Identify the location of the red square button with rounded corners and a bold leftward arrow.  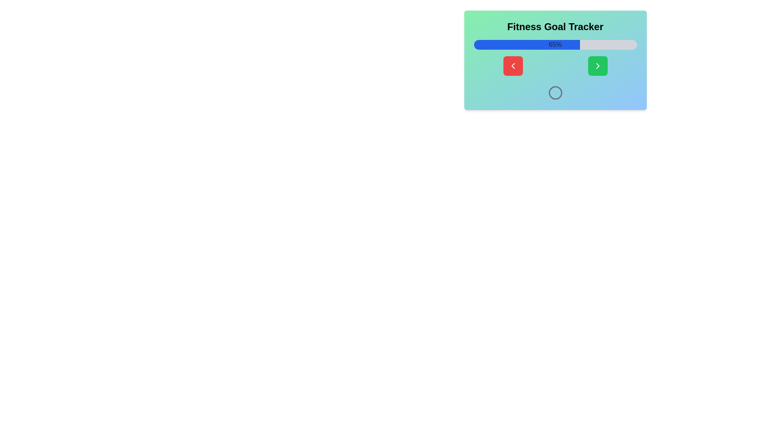
(512, 66).